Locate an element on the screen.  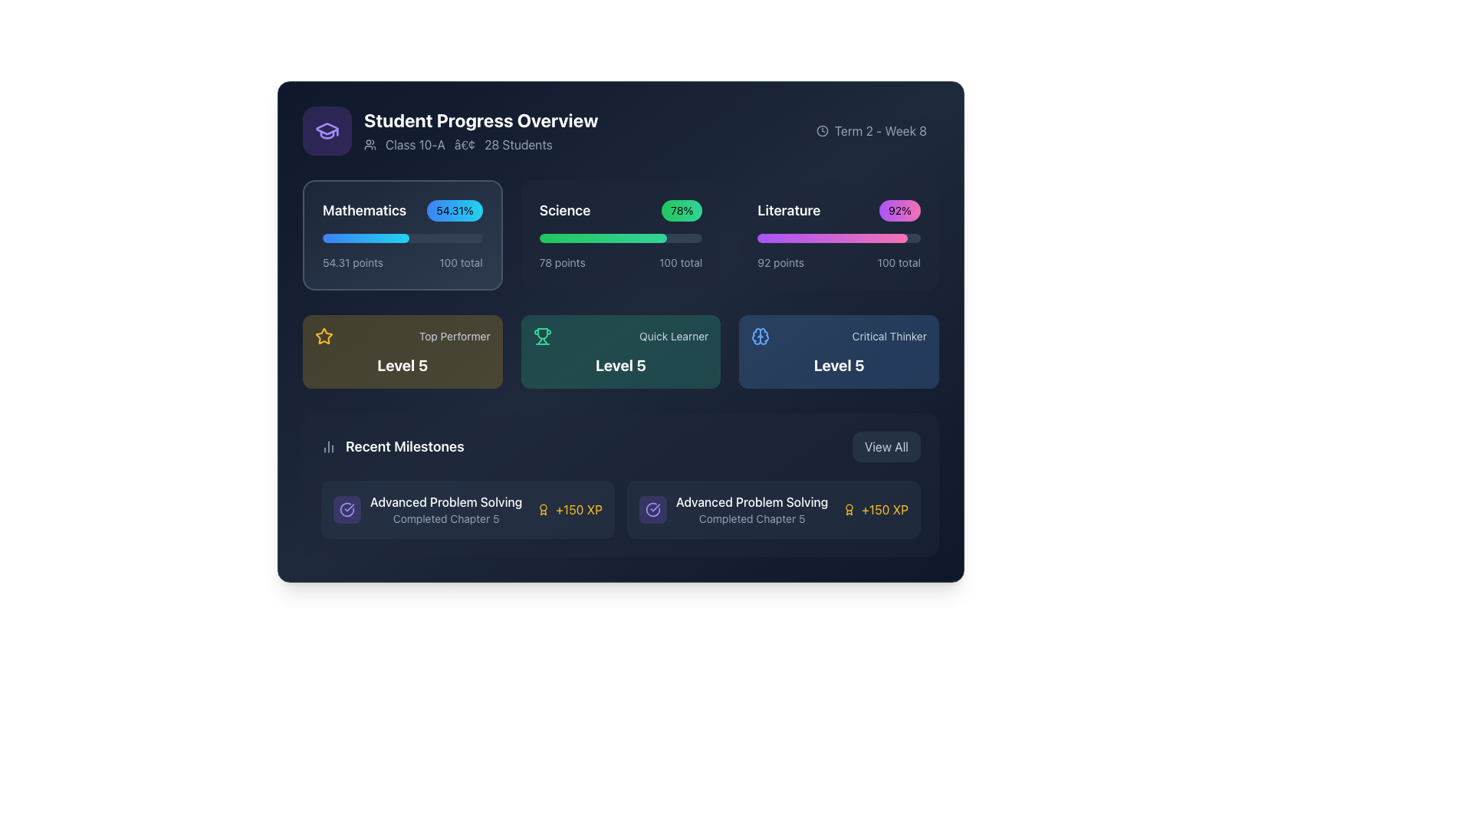
the progress bar with a dark gray background and a gradient filled portion, located within the 'Literature' section of the 'Student Progress Overview' card, positioned below the text 'Literature' and above '92 points100 total' is located at coordinates (838, 238).